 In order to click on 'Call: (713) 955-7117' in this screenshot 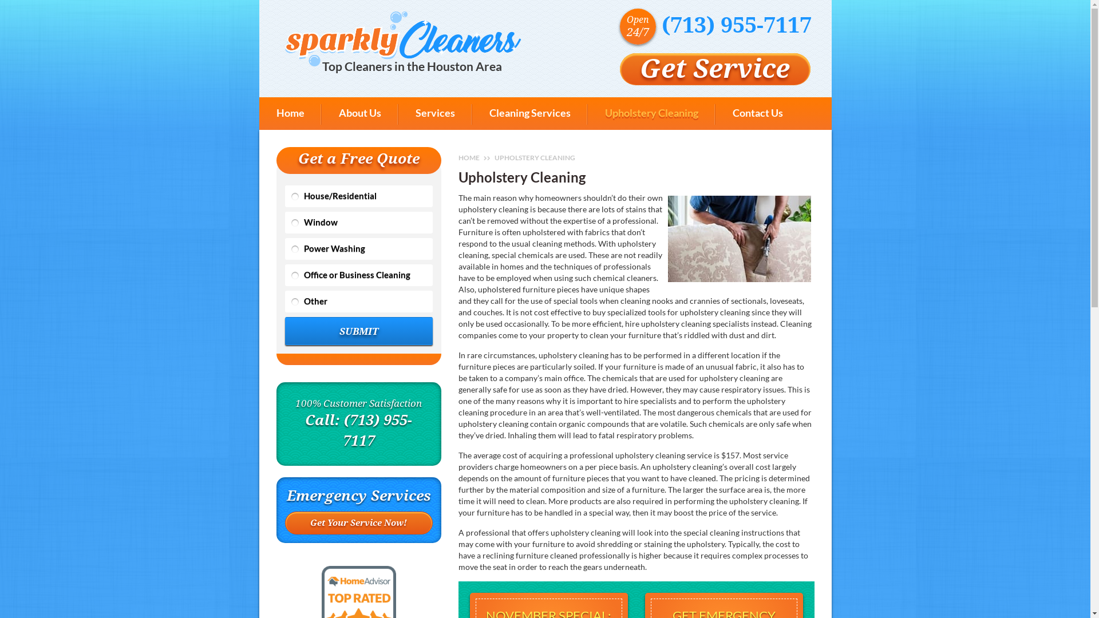, I will do `click(358, 430)`.